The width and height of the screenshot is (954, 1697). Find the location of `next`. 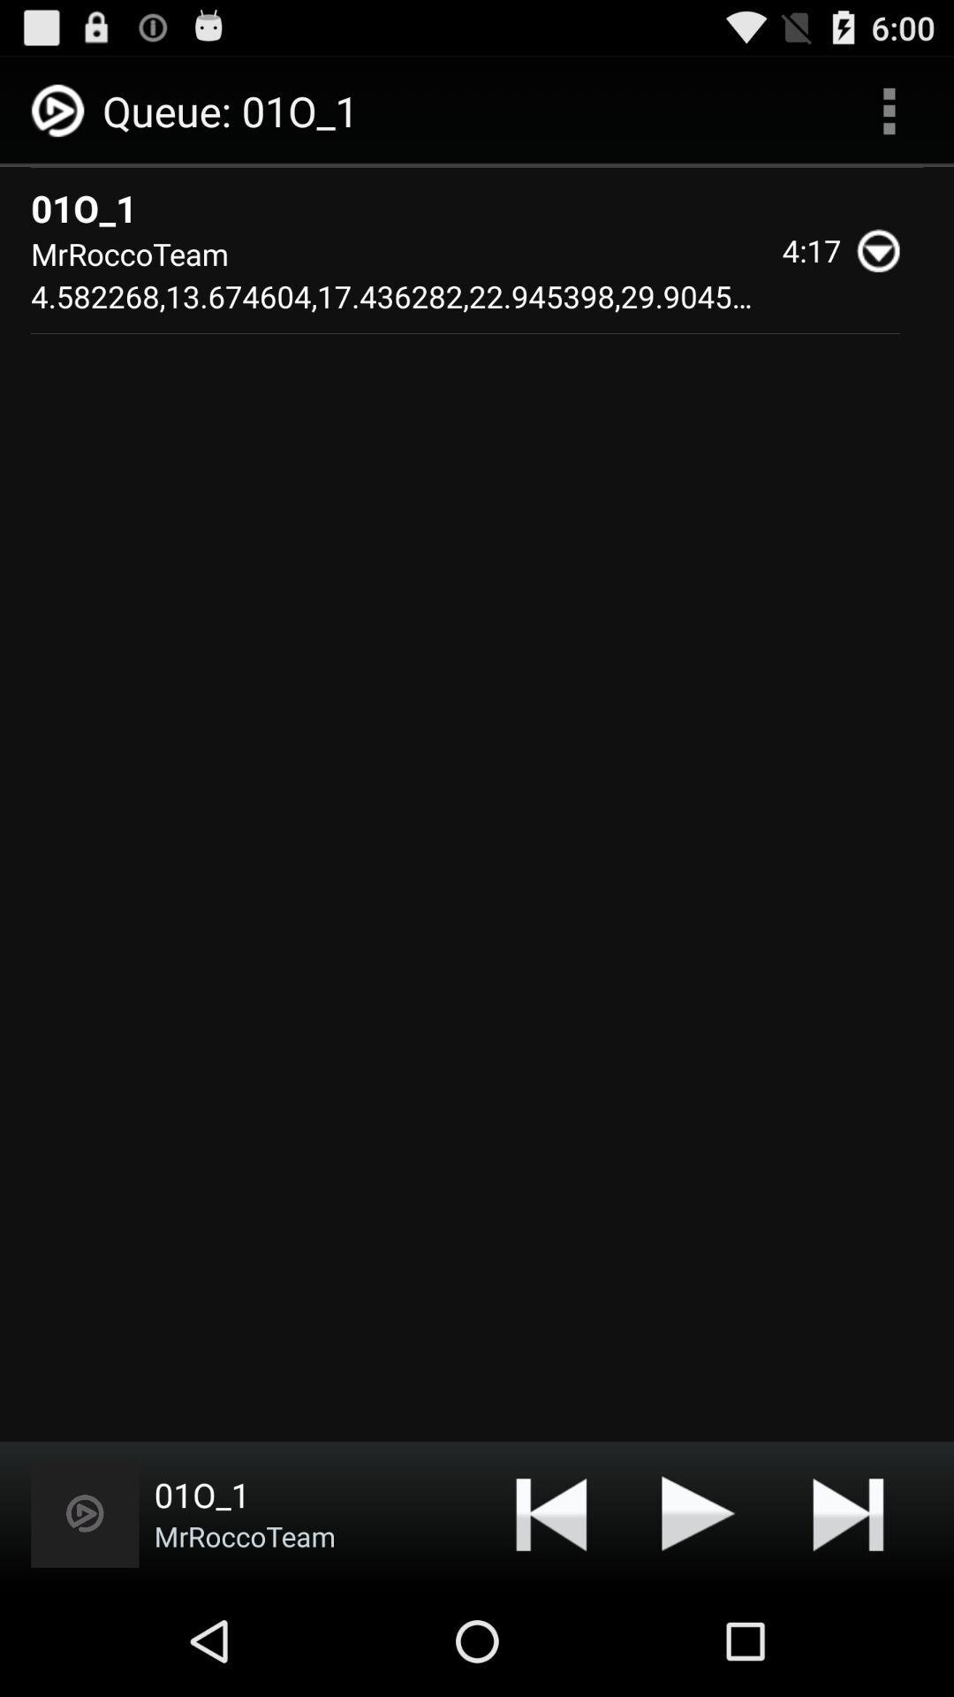

next is located at coordinates (847, 1512).